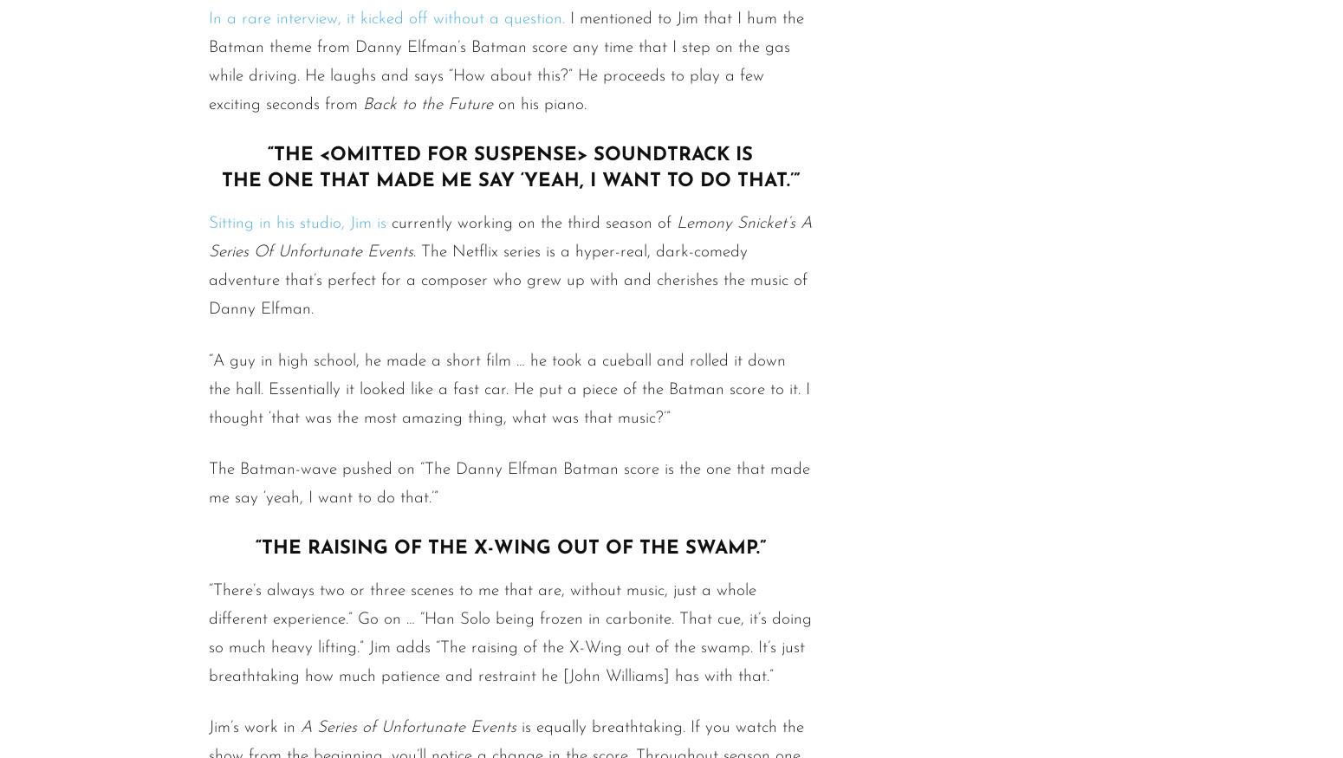 The width and height of the screenshot is (1343, 758). What do you see at coordinates (509, 482) in the screenshot?
I see `'The Batman-wave pushed on “The Danny Elfman Batman score is the one that made me say ‘yeah, I want to do that.’”'` at bounding box center [509, 482].